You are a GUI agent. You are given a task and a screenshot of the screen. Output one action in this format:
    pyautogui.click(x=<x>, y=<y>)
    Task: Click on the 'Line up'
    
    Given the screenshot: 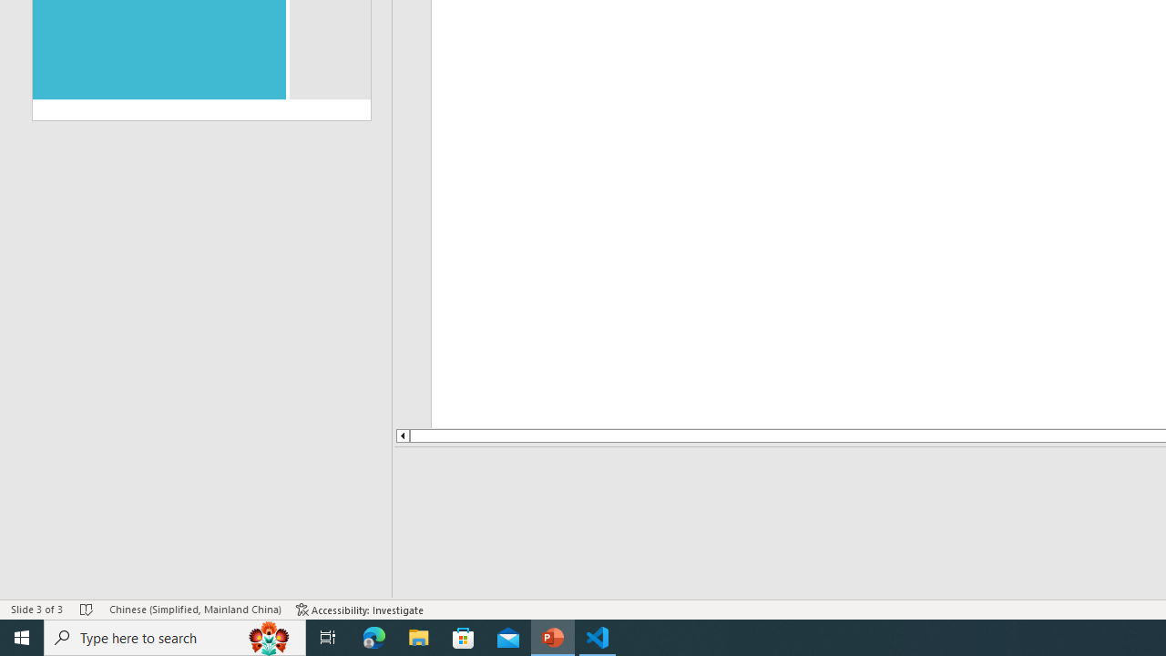 What is the action you would take?
    pyautogui.click(x=401, y=436)
    